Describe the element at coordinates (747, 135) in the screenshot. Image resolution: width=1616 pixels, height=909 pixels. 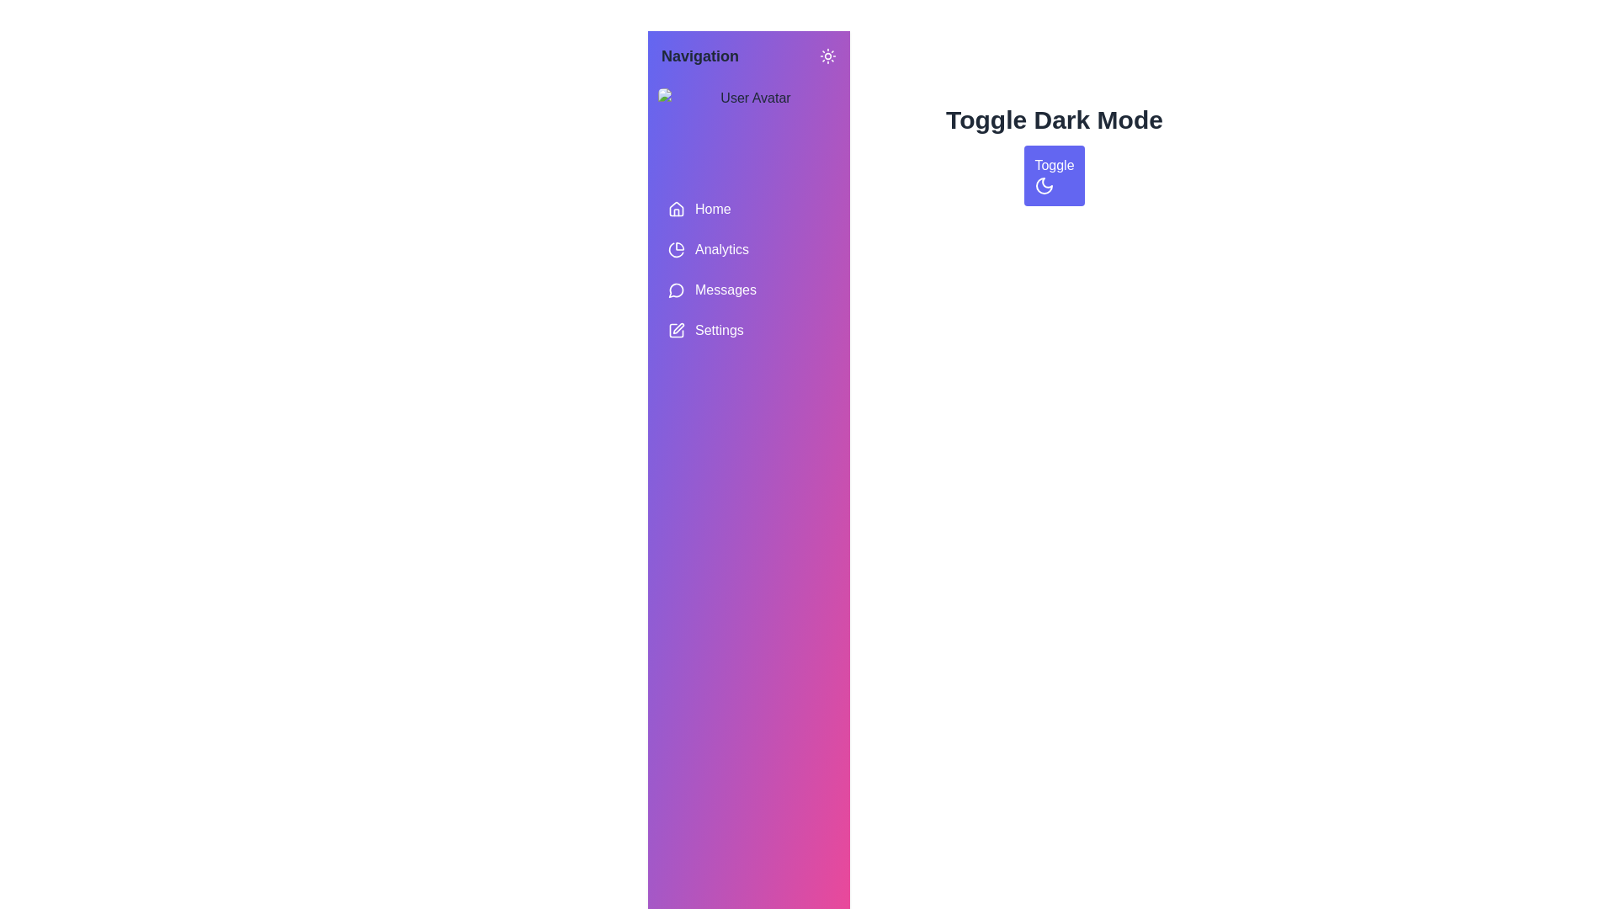
I see `the user avatar image in the sidebar` at that location.